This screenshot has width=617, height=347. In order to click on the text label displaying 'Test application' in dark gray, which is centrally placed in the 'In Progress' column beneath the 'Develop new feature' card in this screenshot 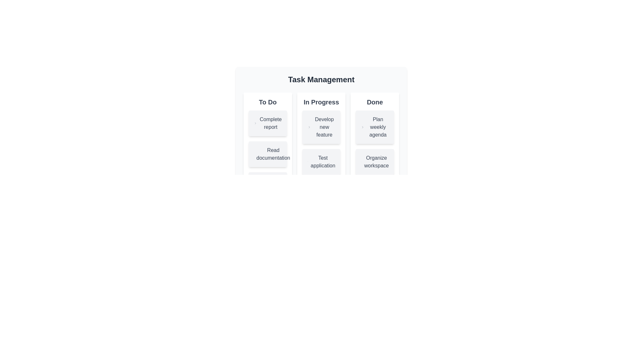, I will do `click(323, 162)`.